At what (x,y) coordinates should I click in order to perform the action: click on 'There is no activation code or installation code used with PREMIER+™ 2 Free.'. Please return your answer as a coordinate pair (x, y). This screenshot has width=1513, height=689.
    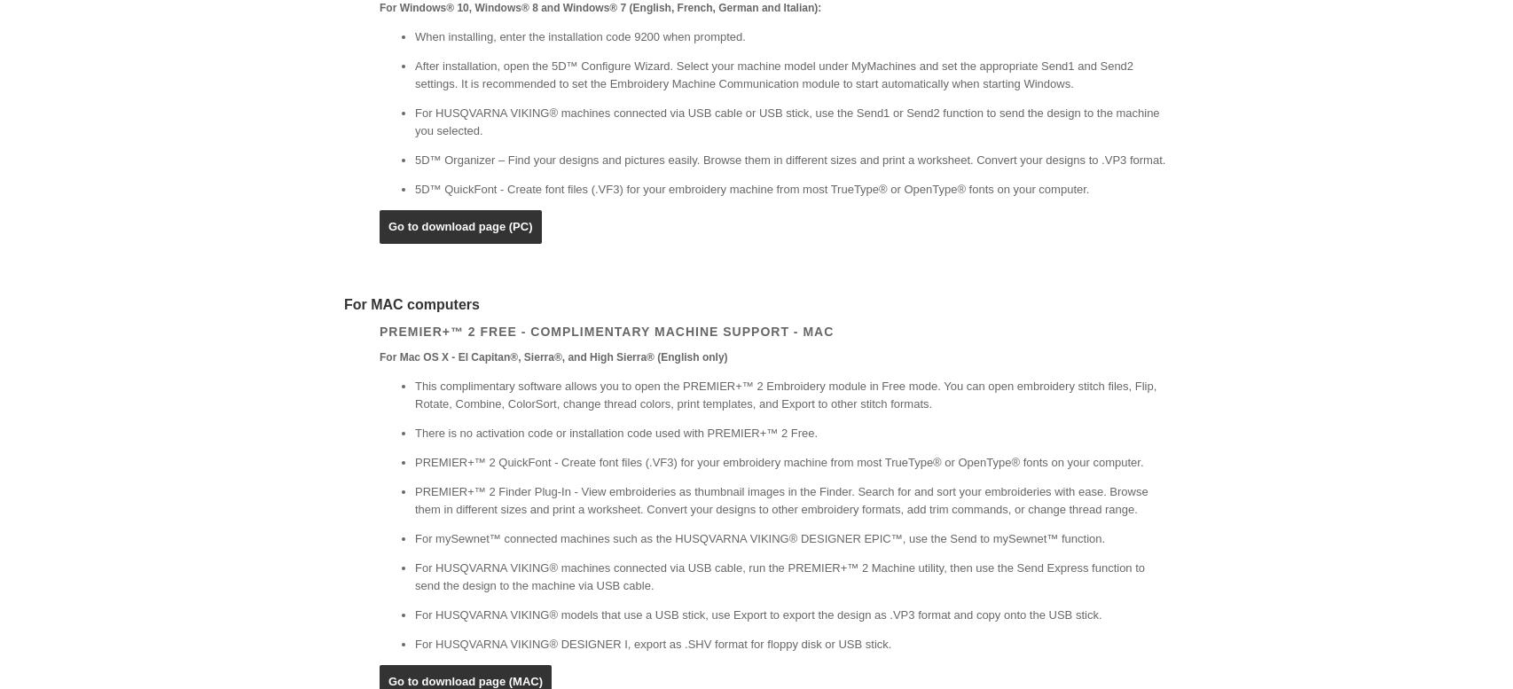
    Looking at the image, I should click on (615, 433).